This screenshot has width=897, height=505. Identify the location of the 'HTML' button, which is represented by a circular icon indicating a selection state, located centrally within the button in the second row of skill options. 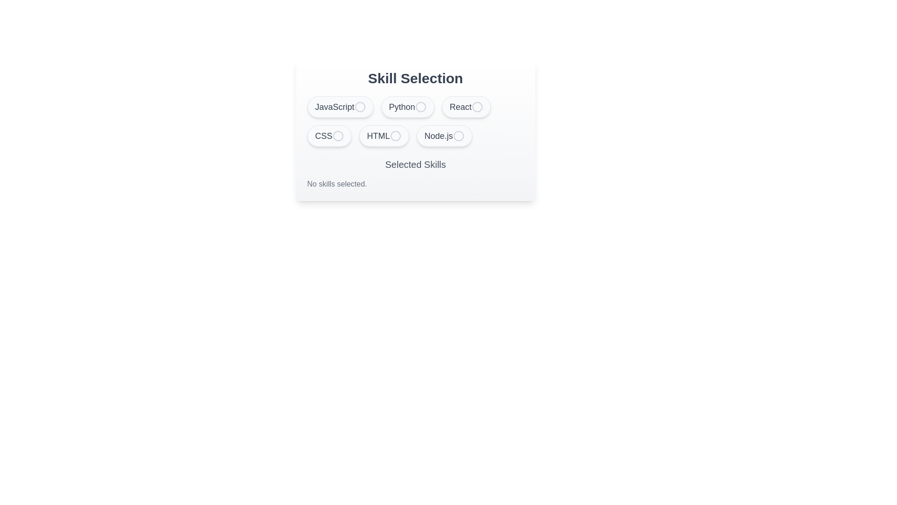
(395, 136).